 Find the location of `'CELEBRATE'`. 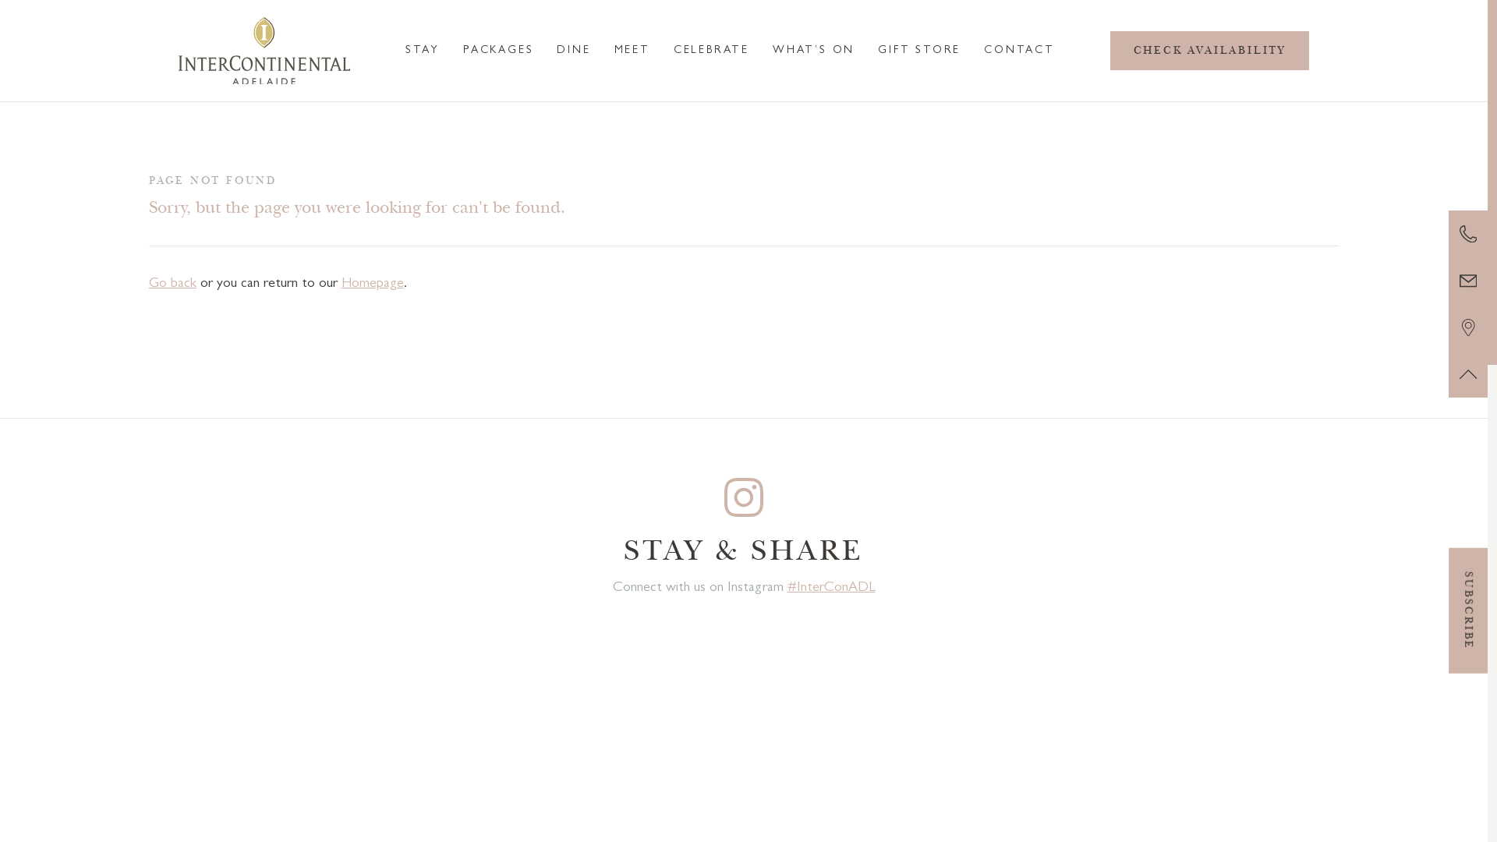

'CELEBRATE' is located at coordinates (710, 50).